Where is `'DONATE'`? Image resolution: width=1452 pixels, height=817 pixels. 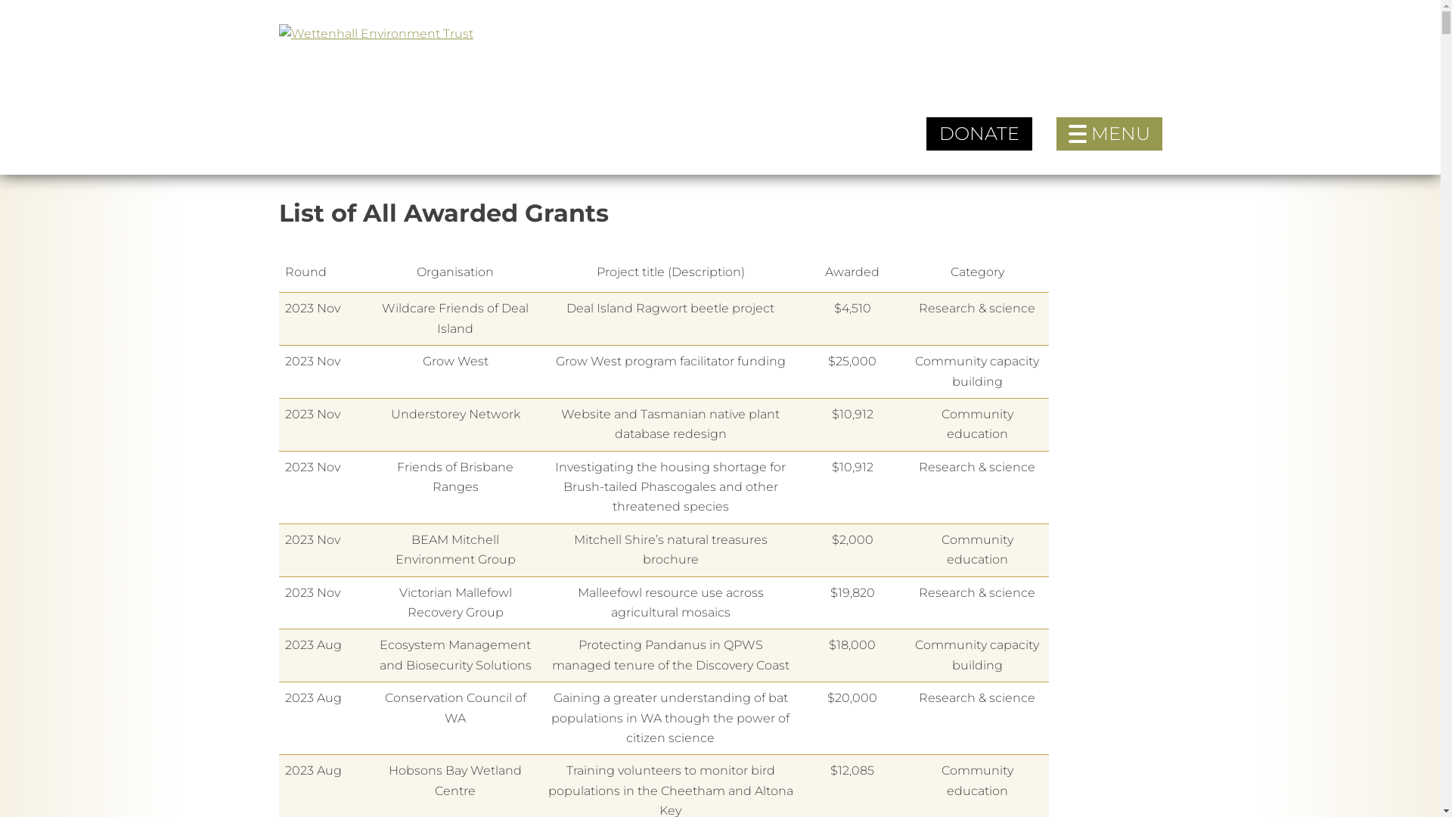 'DONATE' is located at coordinates (979, 133).